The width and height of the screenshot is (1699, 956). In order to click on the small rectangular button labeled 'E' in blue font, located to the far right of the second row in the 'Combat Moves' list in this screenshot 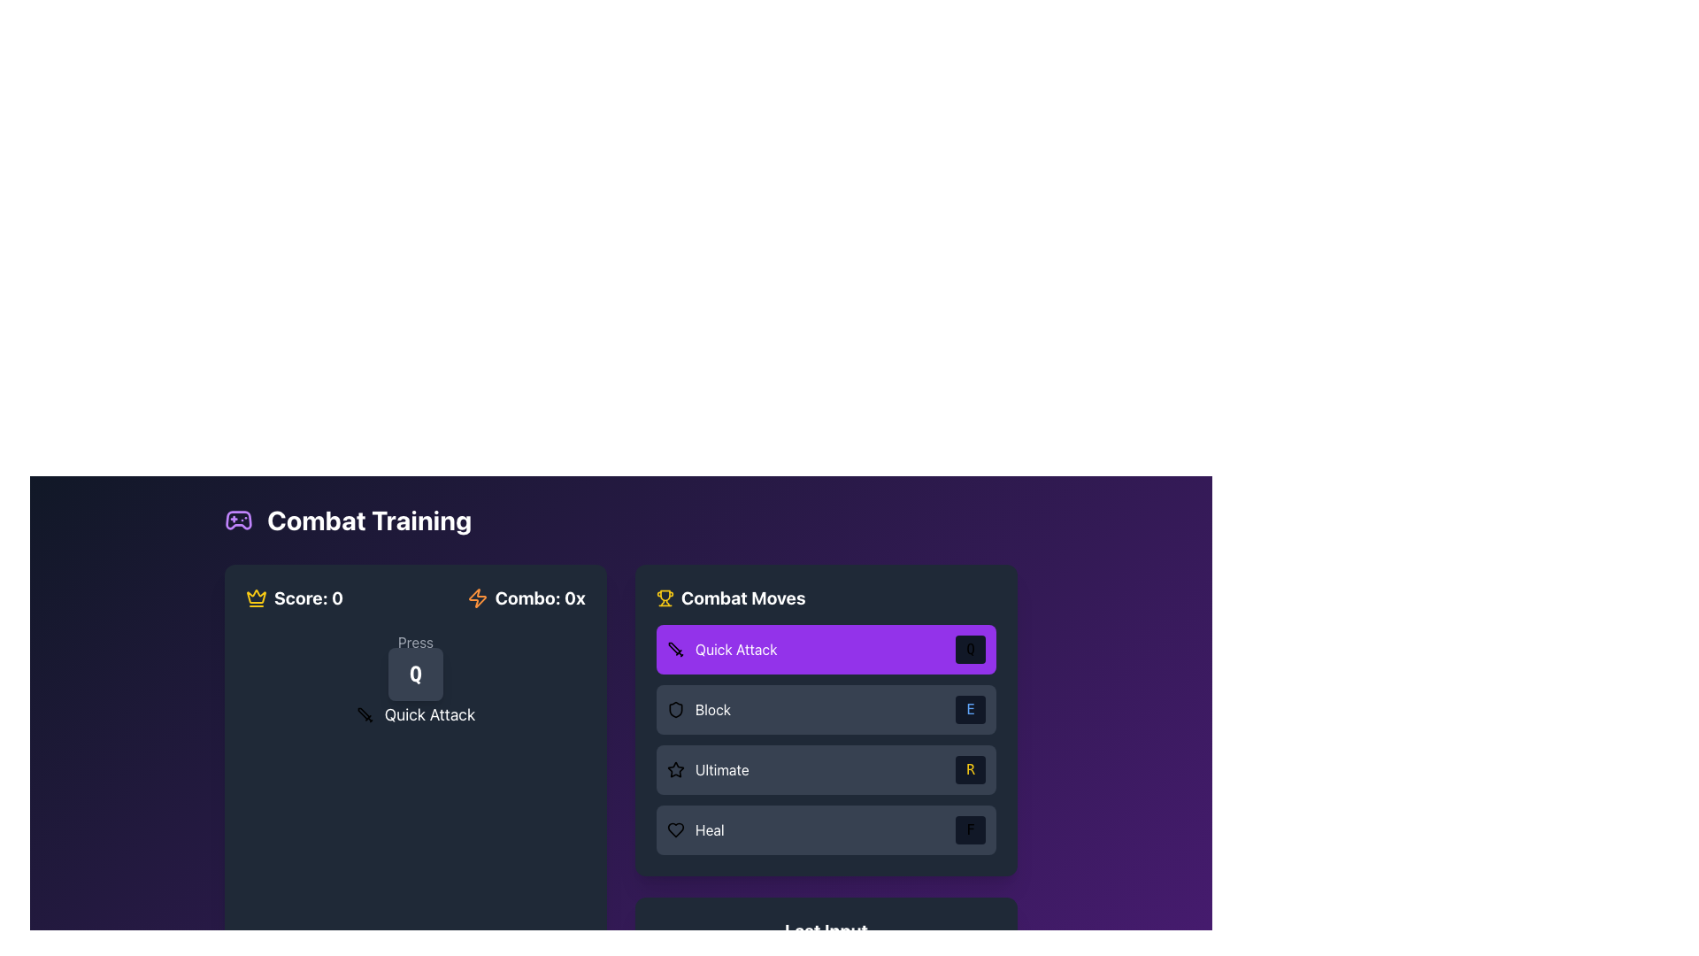, I will do `click(970, 709)`.